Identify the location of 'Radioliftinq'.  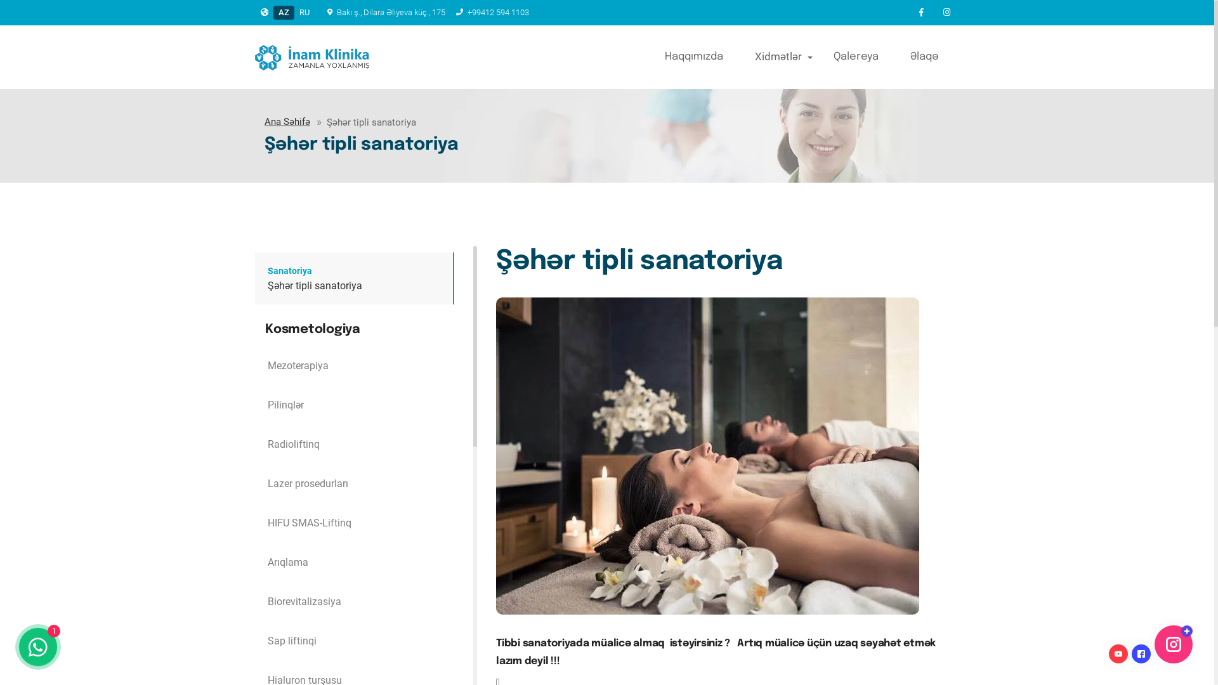
(354, 444).